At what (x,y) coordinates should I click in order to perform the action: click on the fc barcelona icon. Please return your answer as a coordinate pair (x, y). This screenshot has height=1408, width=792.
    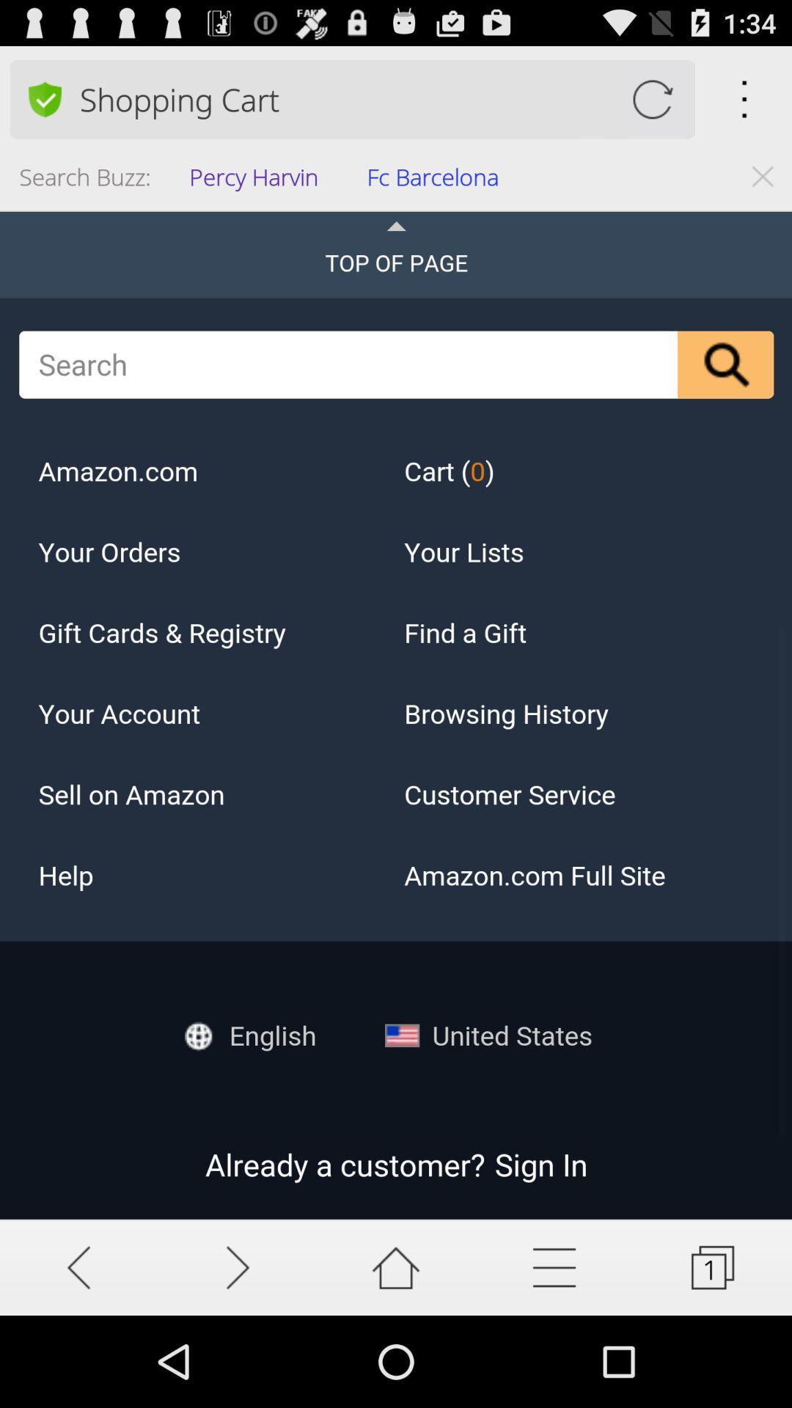
    Looking at the image, I should click on (437, 180).